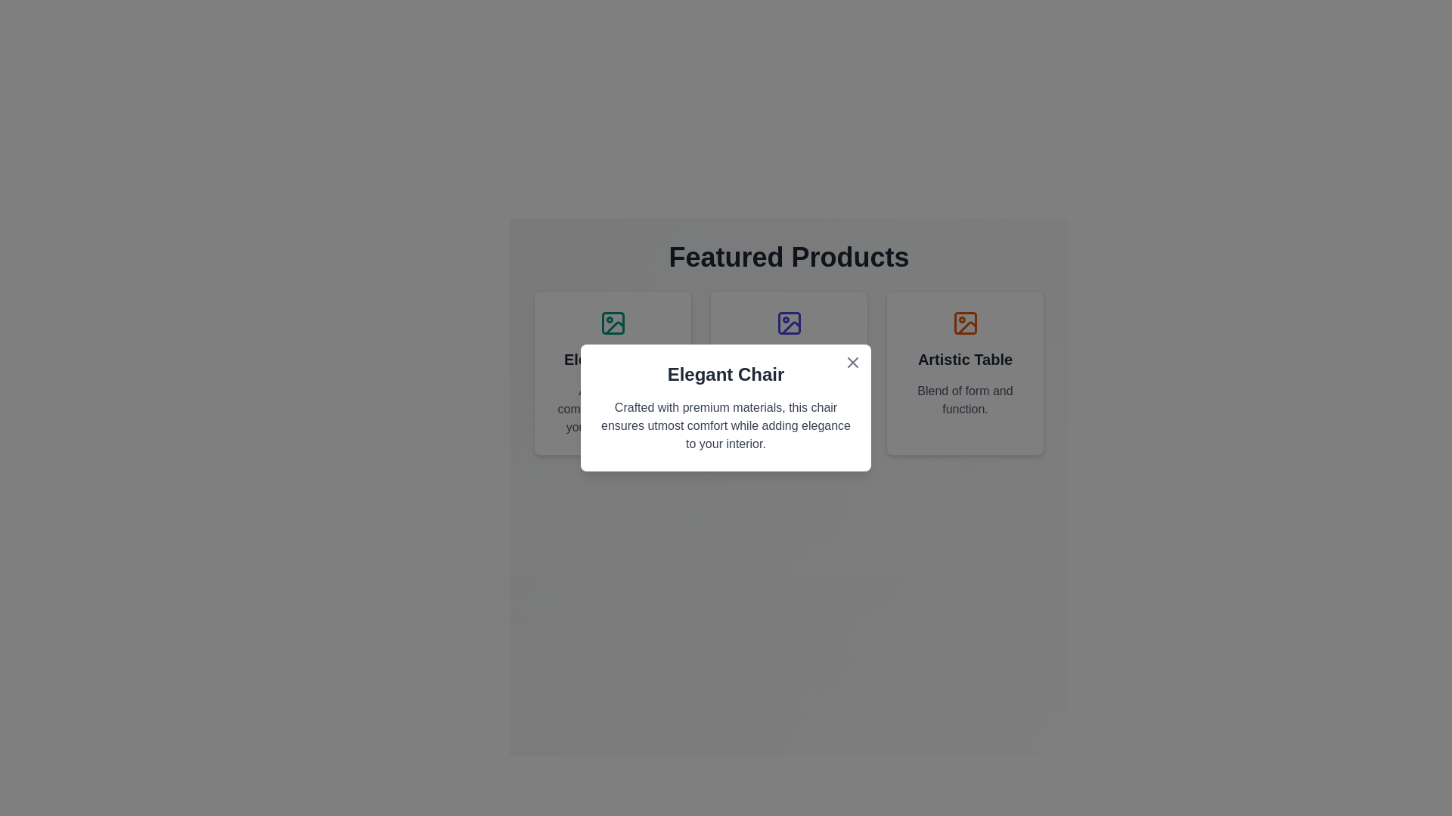 The width and height of the screenshot is (1452, 816). I want to click on the icon located at the top center of the 'Artistic Table' card, which visually represents a product or category, so click(964, 323).